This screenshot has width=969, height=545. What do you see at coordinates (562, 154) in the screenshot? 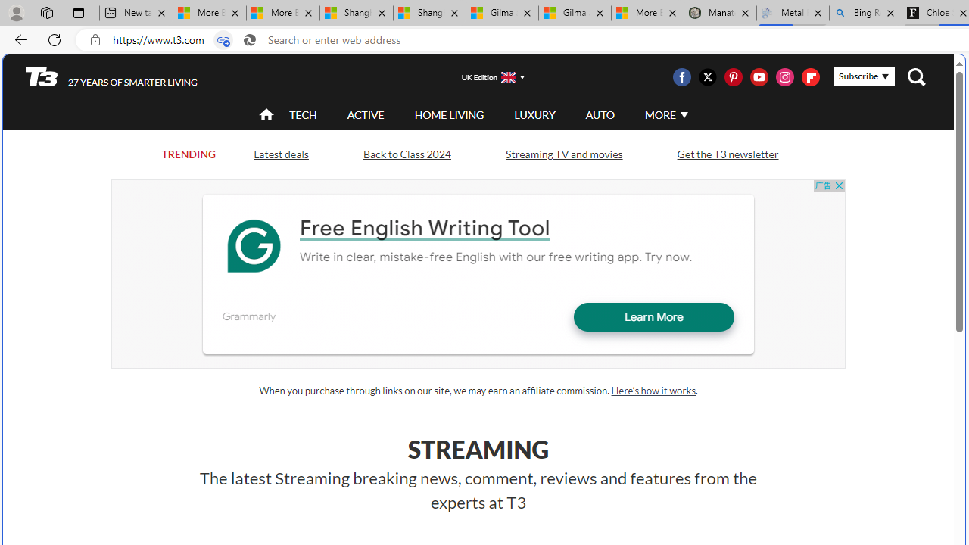
I see `'Streaming TV and movies'` at bounding box center [562, 154].